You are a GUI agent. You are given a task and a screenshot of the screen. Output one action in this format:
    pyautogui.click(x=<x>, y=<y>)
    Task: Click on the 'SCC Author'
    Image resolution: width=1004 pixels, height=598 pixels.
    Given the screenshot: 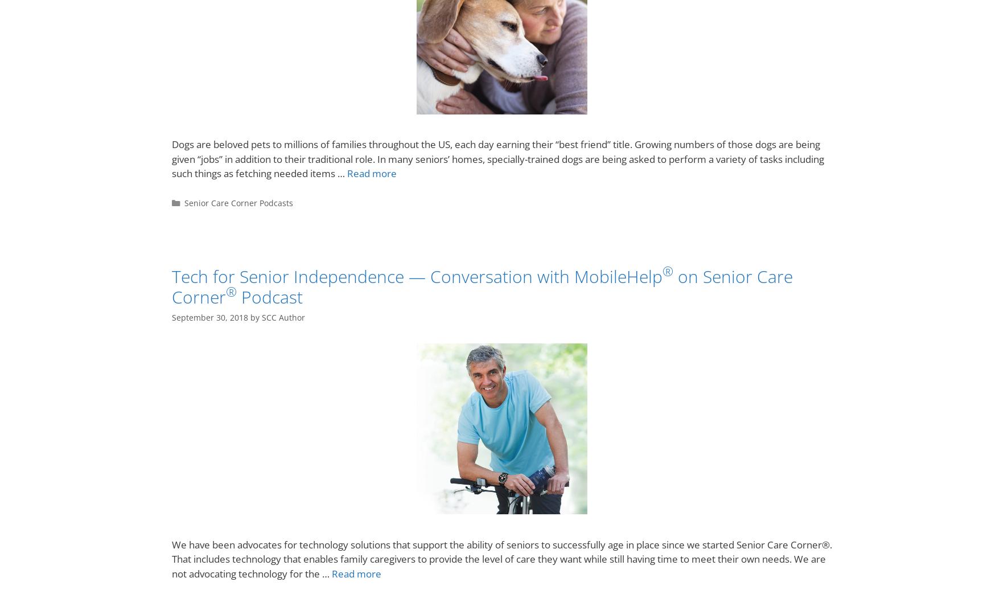 What is the action you would take?
    pyautogui.click(x=283, y=317)
    